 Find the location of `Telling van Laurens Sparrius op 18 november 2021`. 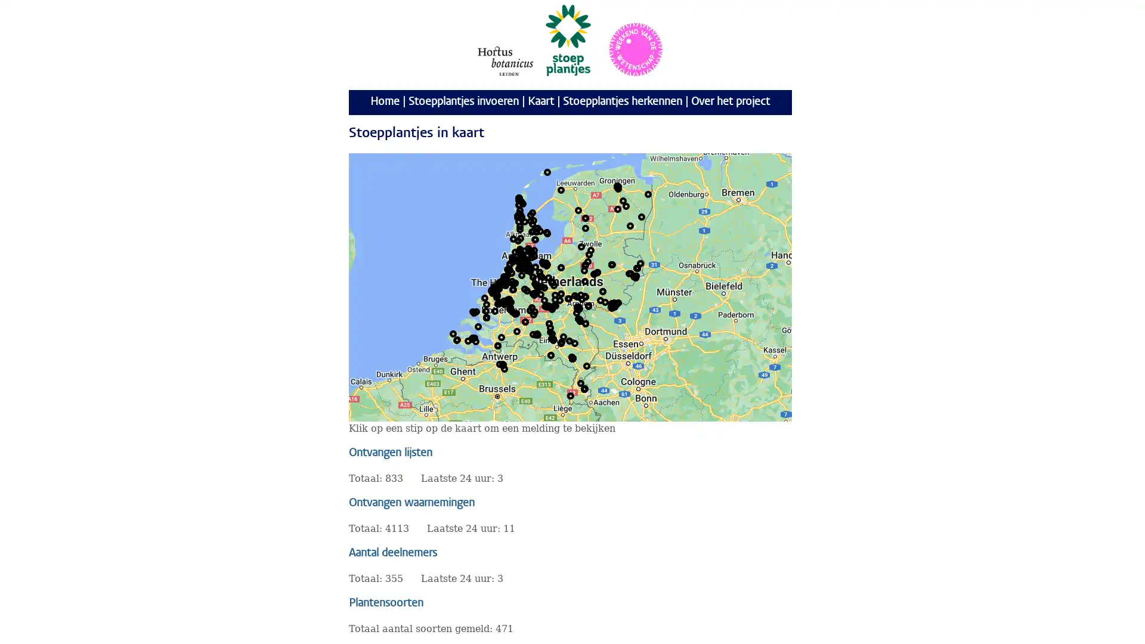

Telling van Laurens Sparrius op 18 november 2021 is located at coordinates (580, 307).